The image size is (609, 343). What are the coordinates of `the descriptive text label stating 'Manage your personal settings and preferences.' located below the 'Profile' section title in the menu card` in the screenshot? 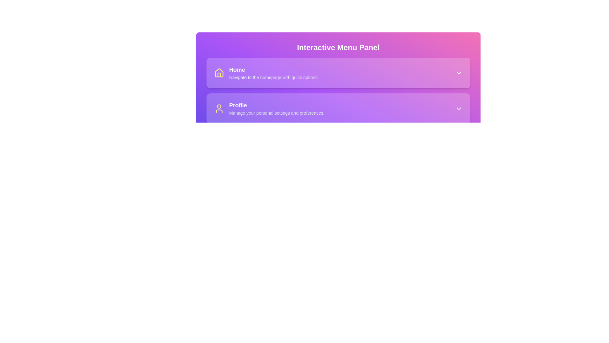 It's located at (277, 112).